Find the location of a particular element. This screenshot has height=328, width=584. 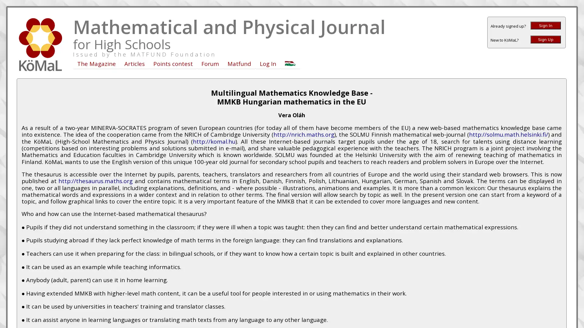

Sign Up is located at coordinates (546, 39).